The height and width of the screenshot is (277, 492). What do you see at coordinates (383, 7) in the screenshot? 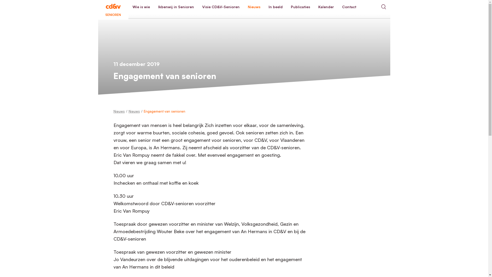
I see `'Search'` at bounding box center [383, 7].